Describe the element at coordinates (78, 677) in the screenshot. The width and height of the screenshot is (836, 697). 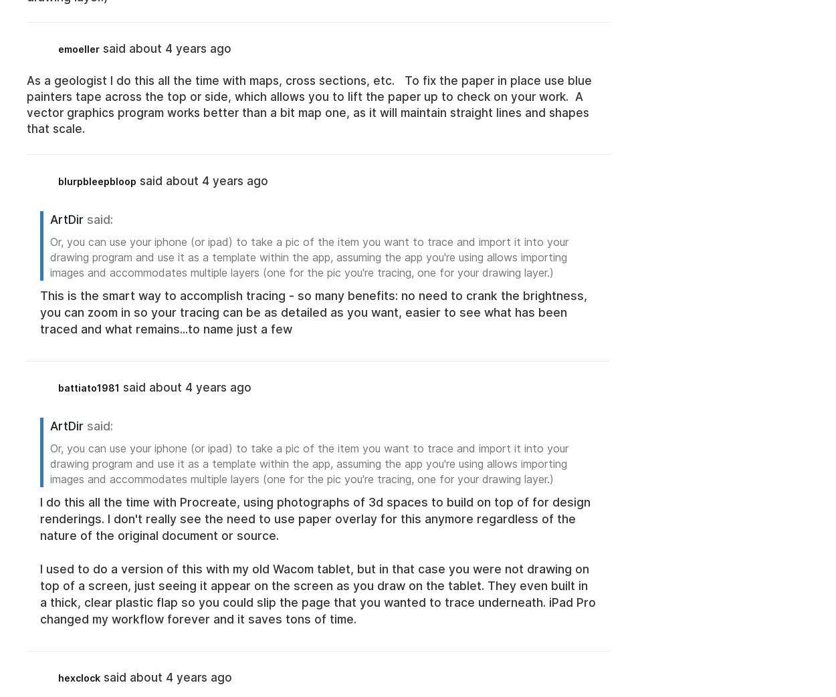
I see `'hexclock'` at that location.